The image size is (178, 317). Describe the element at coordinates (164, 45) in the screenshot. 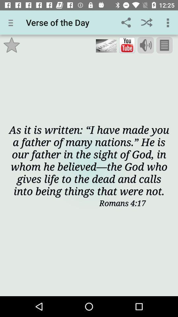

I see `the description icon` at that location.